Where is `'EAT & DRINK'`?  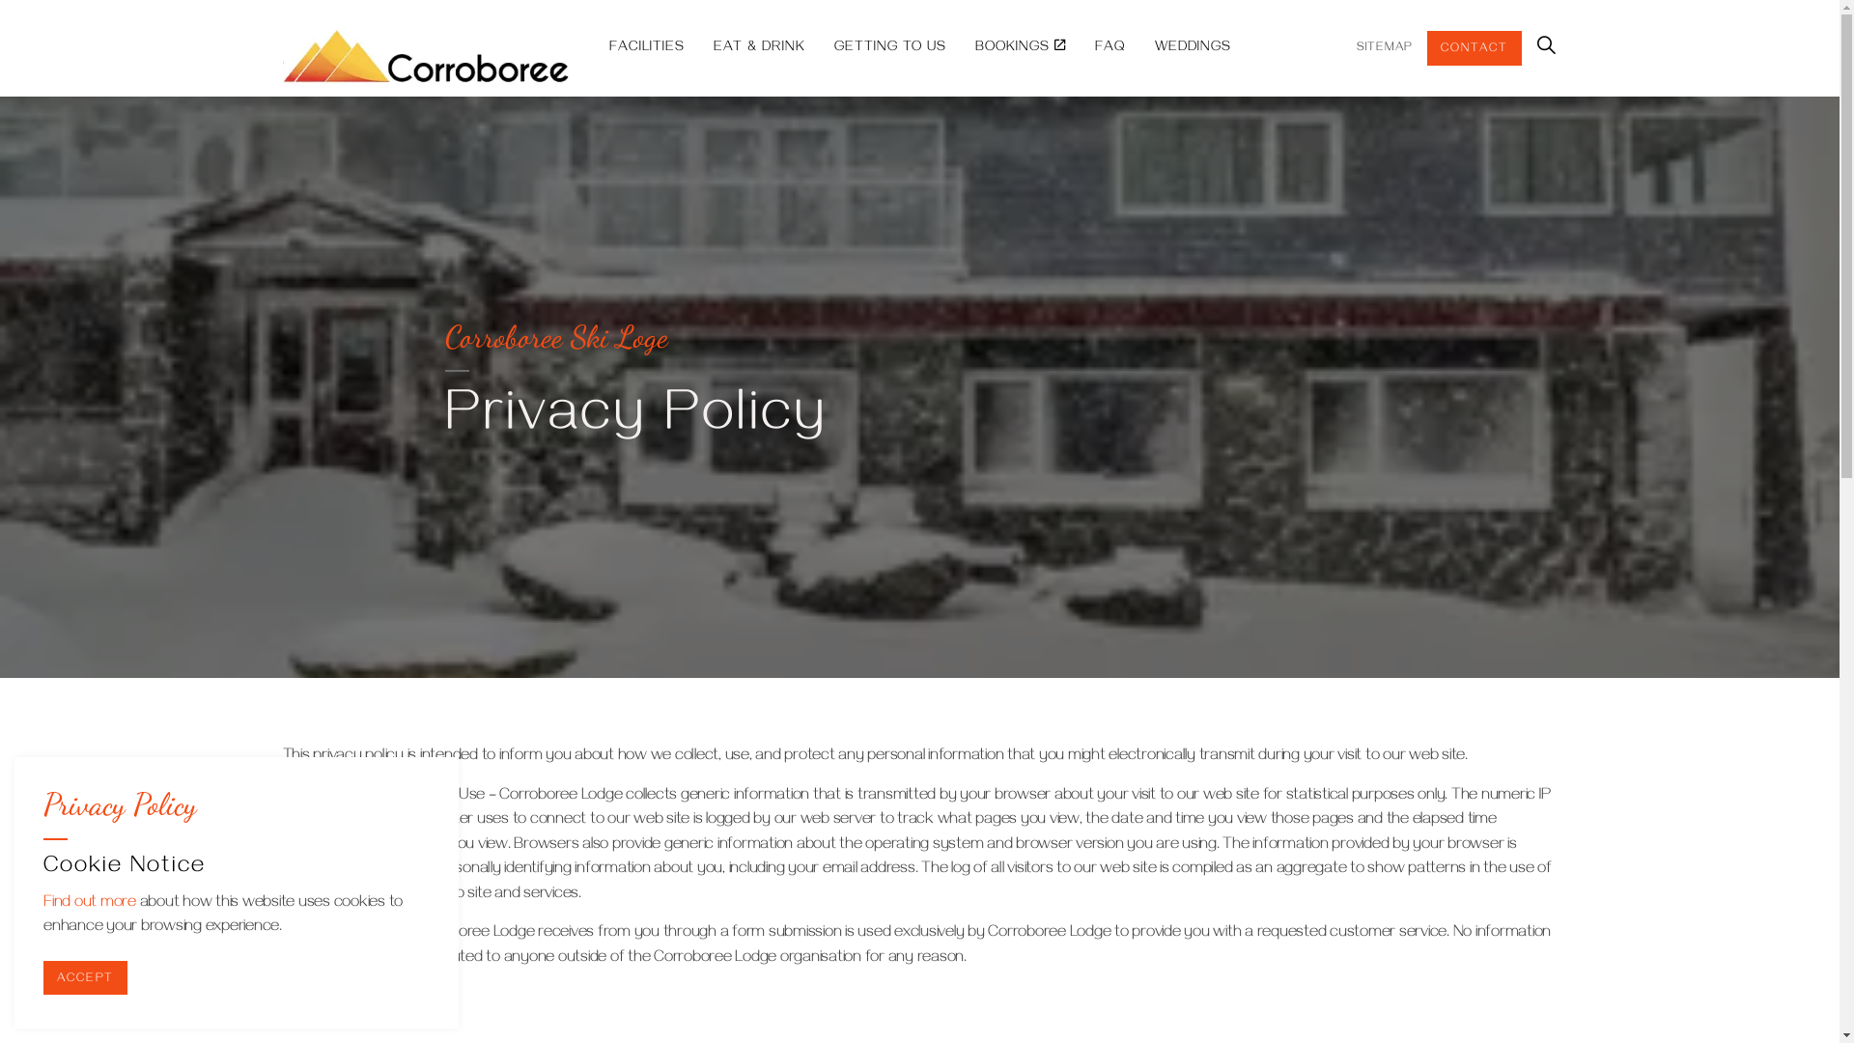
'EAT & DRINK' is located at coordinates (698, 47).